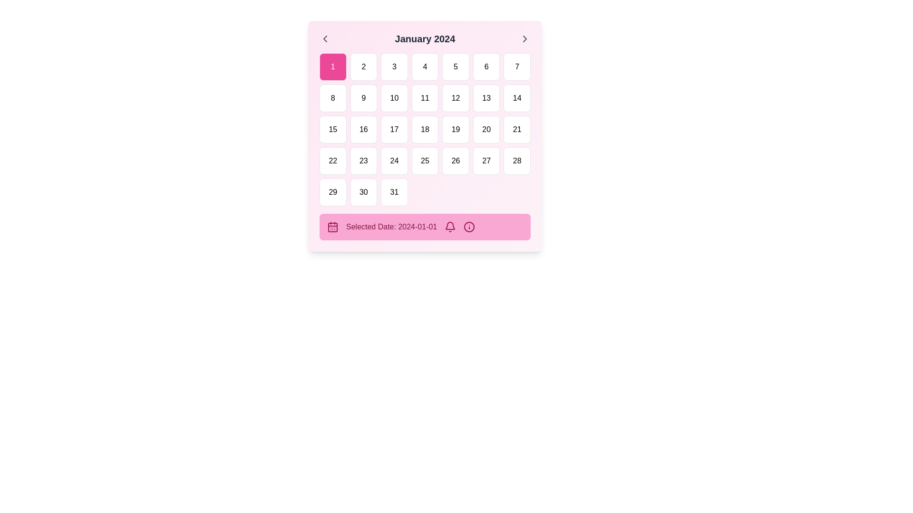  I want to click on the clickable date box displaying '17' in the calendar grid, so click(394, 130).